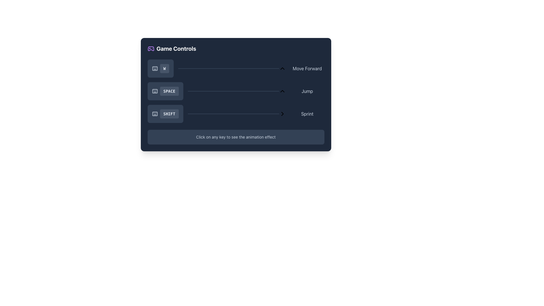 The height and width of the screenshot is (306, 544). I want to click on the Control mapping display row that represents the sprint action, indicating that pressing the 'SHIFT' key activates the sprint action, located in the bottom section of the 'Game Controls' panel, so click(236, 114).